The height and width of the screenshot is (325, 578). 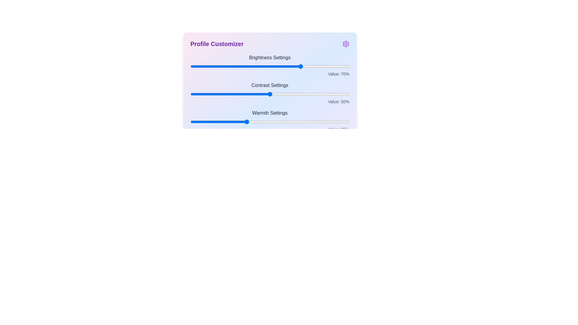 What do you see at coordinates (262, 66) in the screenshot?
I see `the 0 slider to 45%` at bounding box center [262, 66].